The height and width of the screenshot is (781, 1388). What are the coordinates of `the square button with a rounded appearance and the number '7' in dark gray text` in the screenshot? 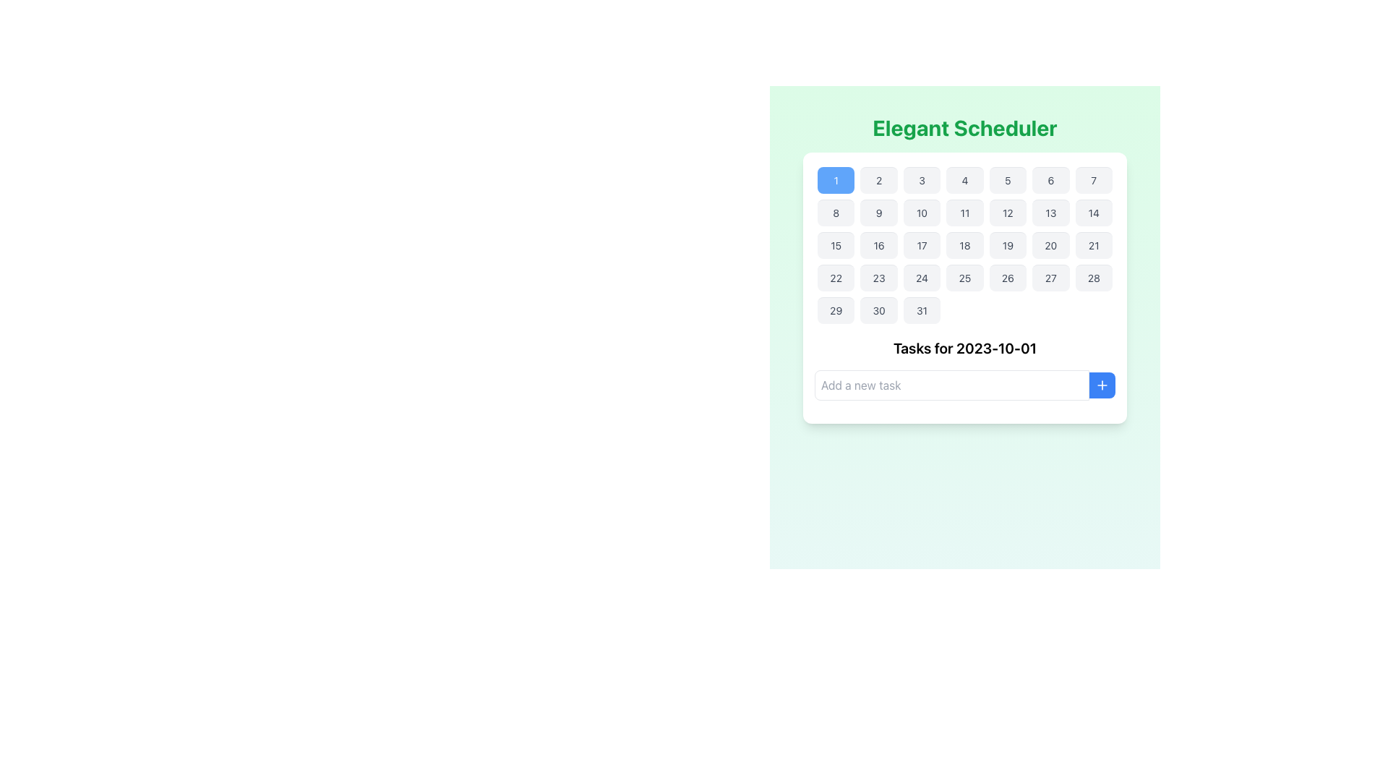 It's located at (1094, 179).